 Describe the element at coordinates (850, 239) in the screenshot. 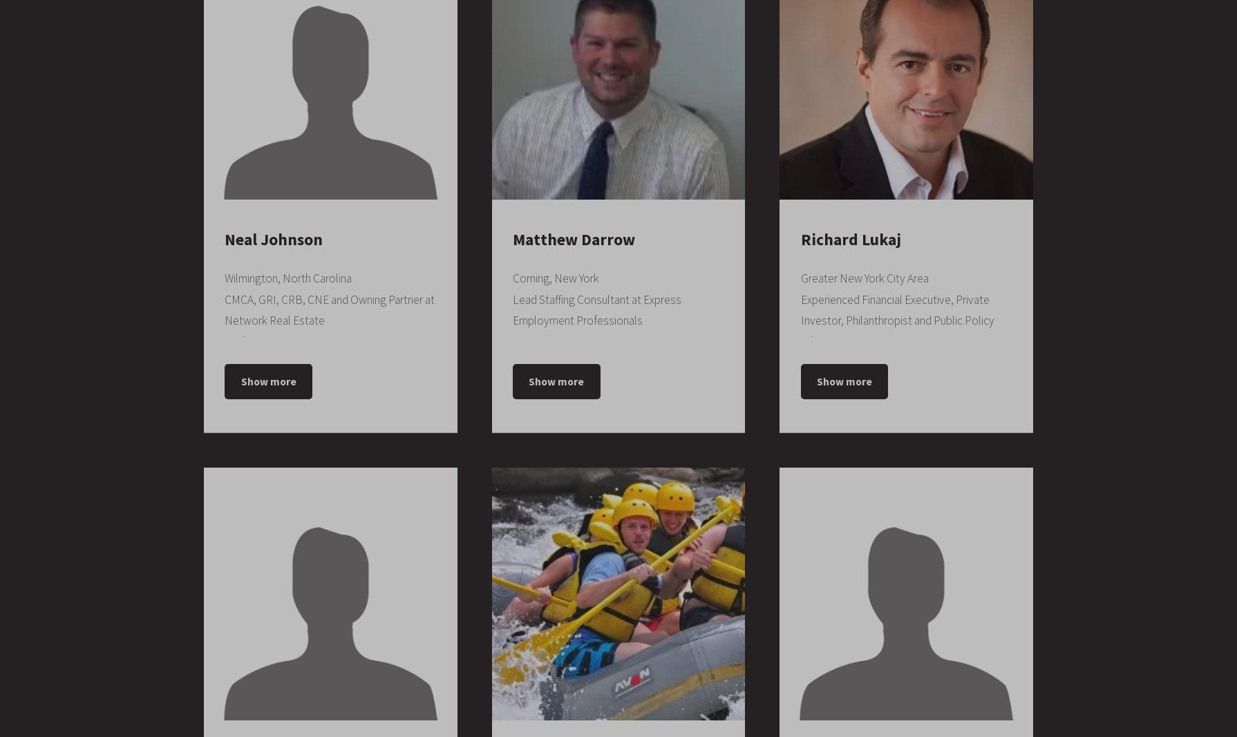

I see `'Richard Lukaj'` at that location.